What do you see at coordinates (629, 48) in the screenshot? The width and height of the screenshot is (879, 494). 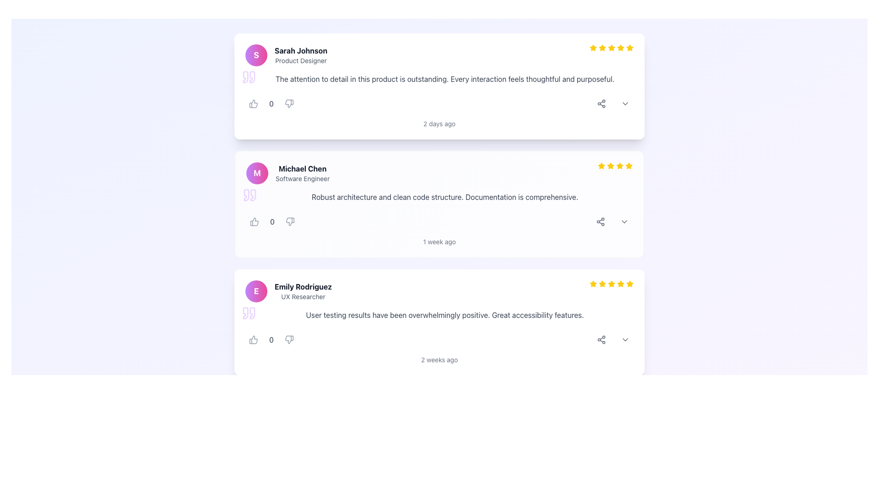 I see `the fifth star icon representing the highest user rating from its current position` at bounding box center [629, 48].